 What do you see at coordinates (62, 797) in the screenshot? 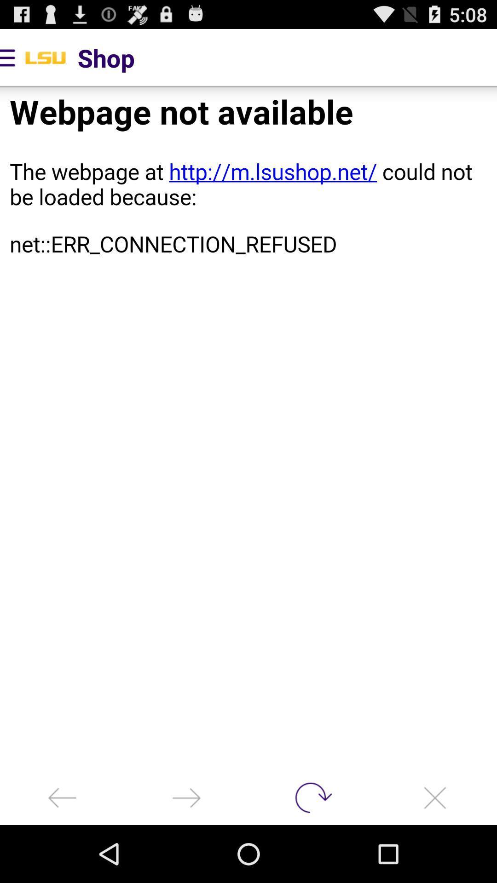
I see `go back` at bounding box center [62, 797].